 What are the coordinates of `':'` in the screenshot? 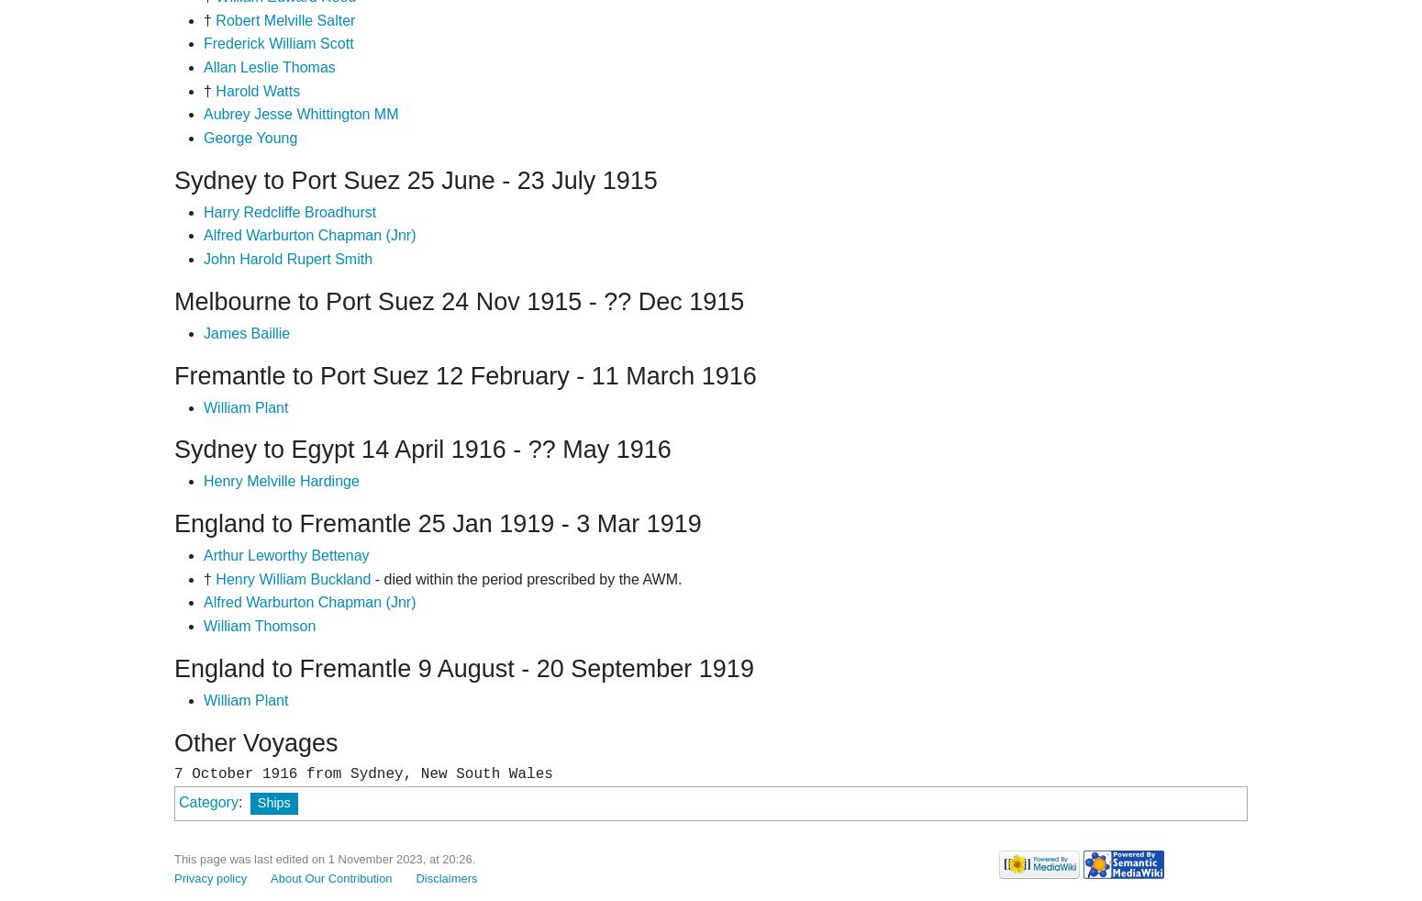 It's located at (241, 802).